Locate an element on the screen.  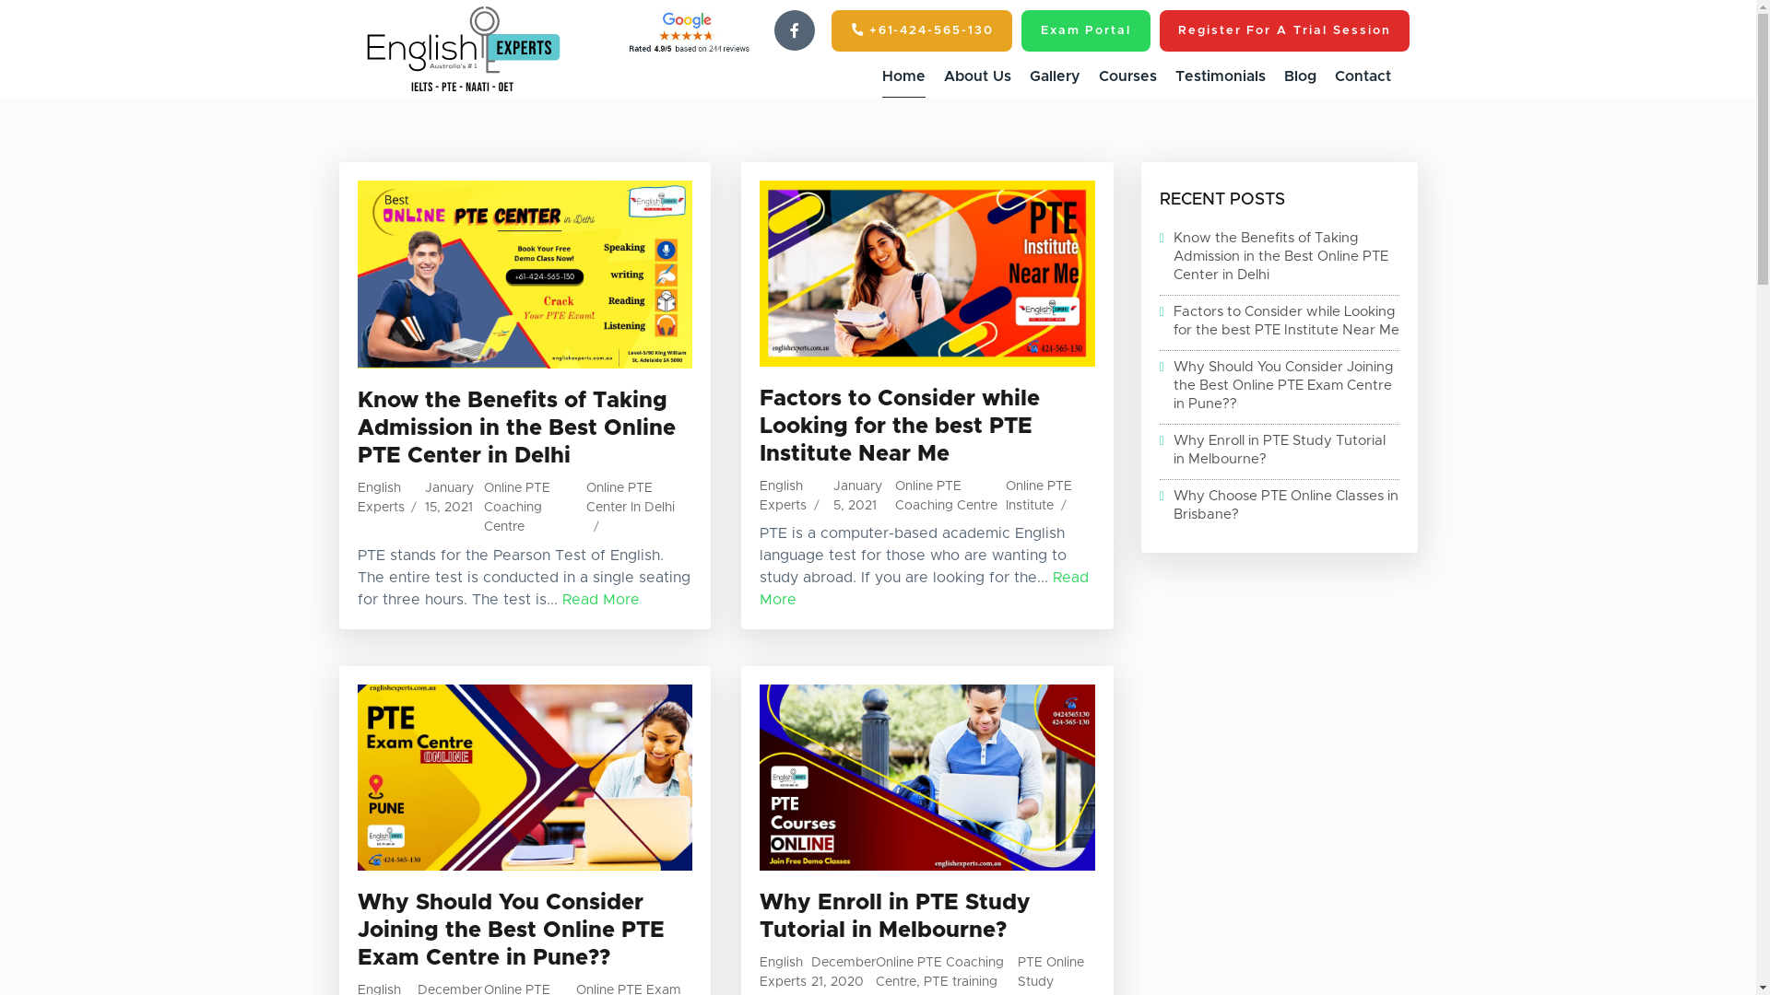
'English Experts' is located at coordinates (783, 971).